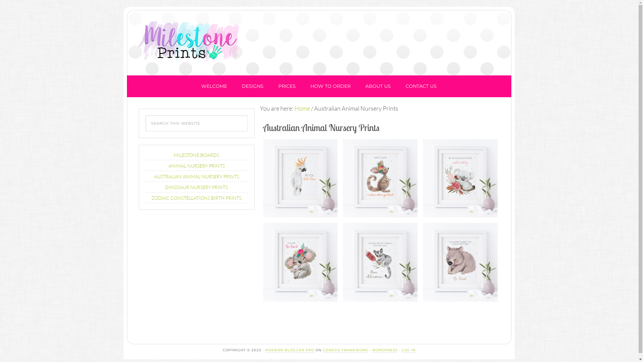 This screenshot has height=362, width=643. What do you see at coordinates (345, 350) in the screenshot?
I see `'GENESIS FRAMEWORK'` at bounding box center [345, 350].